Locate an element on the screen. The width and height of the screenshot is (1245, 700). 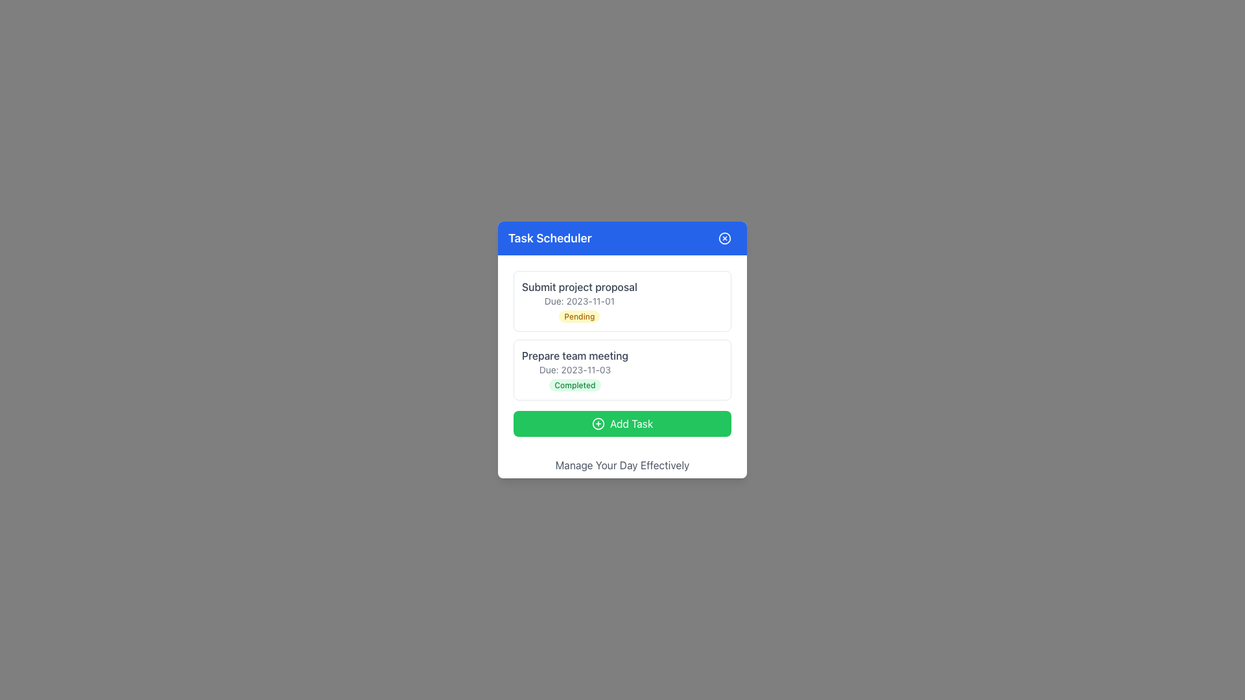
the static text element that reads 'Due: 2023-11-01', which is located directly below the bold text 'Submit project proposal' is located at coordinates (578, 301).